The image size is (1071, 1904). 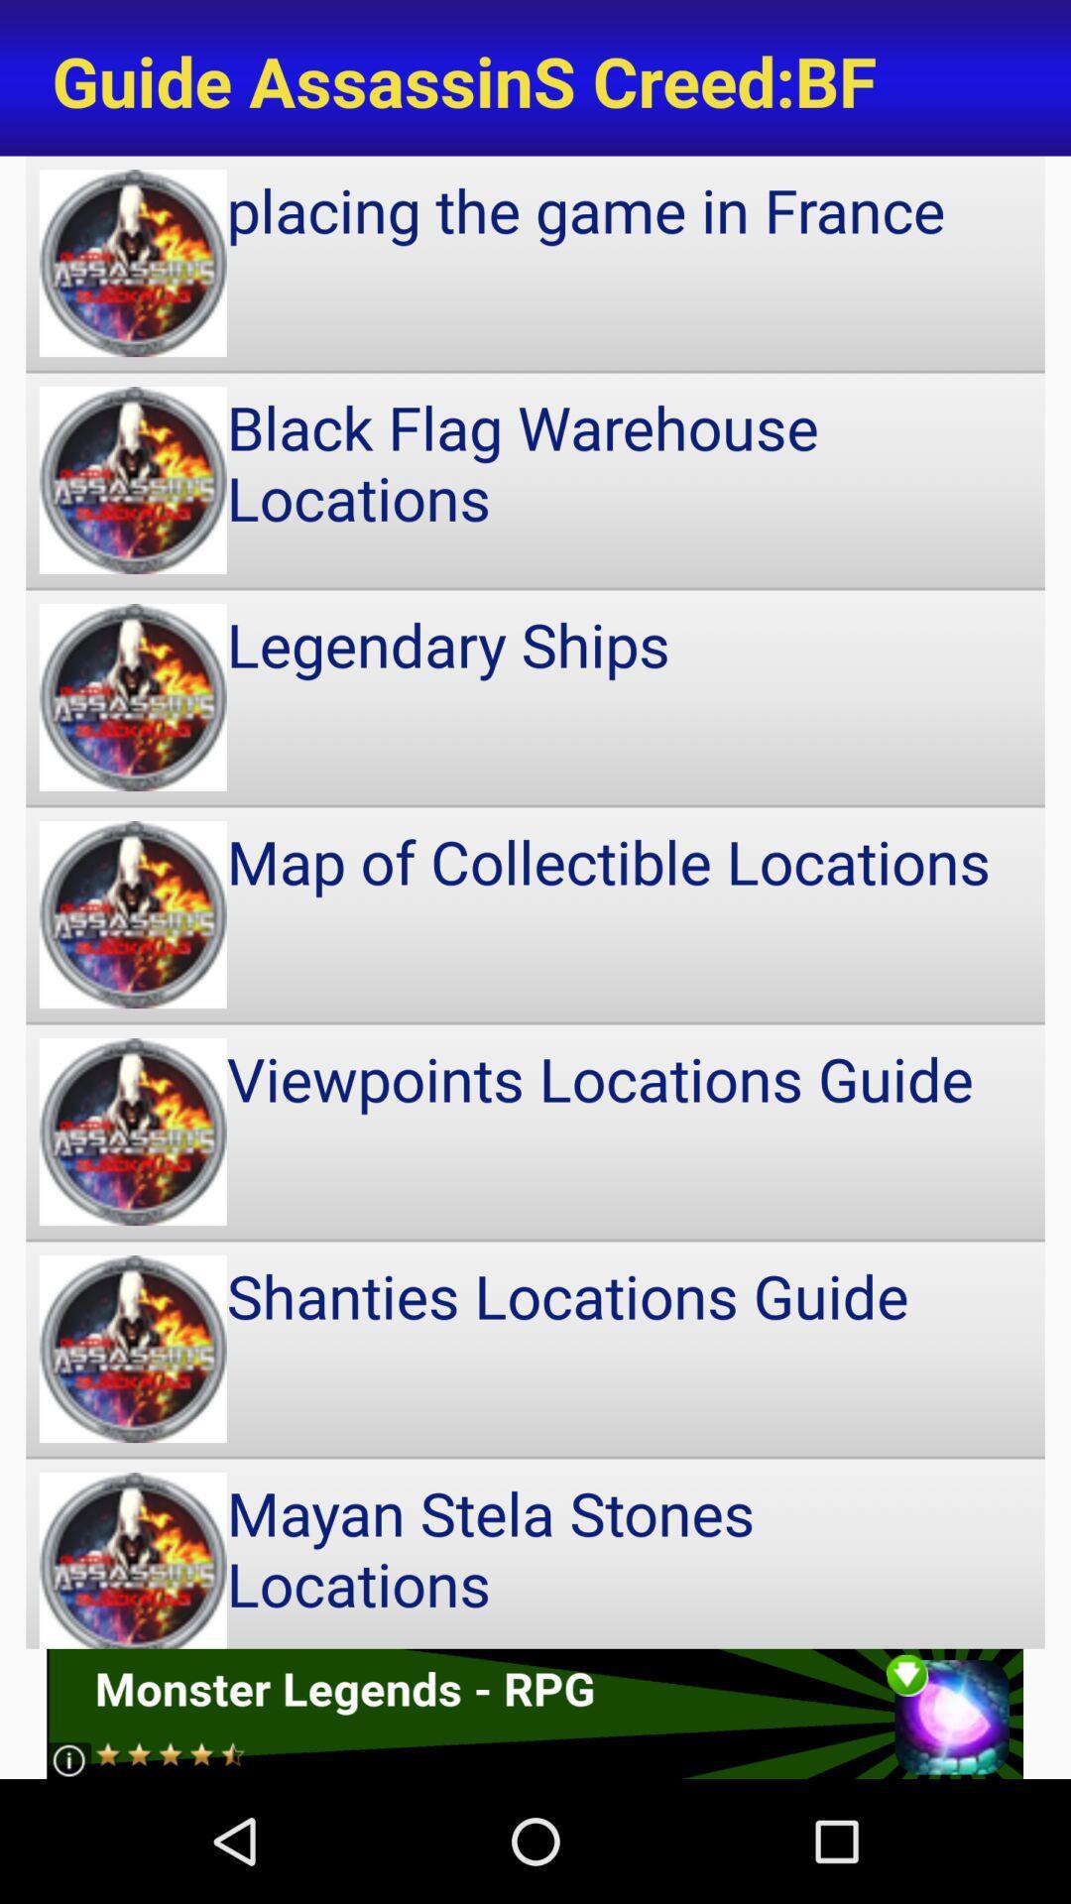 What do you see at coordinates (535, 697) in the screenshot?
I see `item above the map of collectible item` at bounding box center [535, 697].